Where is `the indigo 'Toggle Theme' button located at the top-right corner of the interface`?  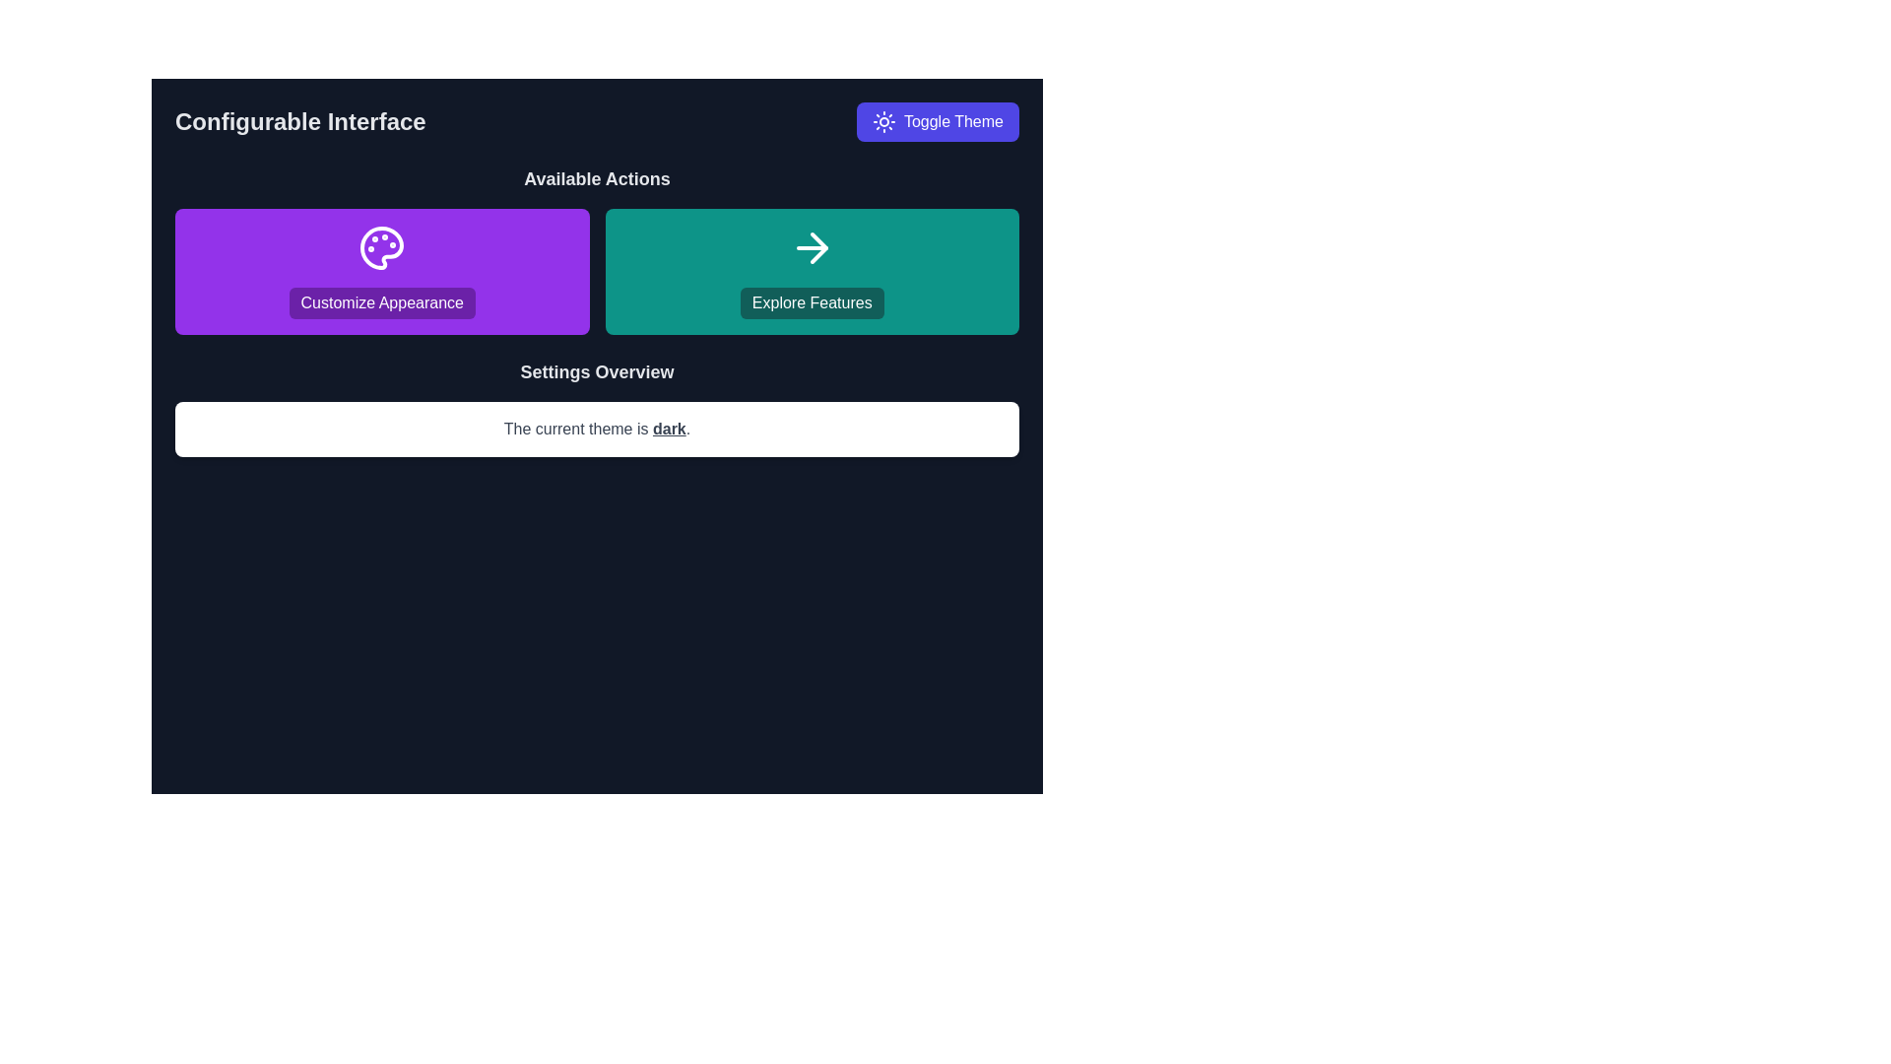
the indigo 'Toggle Theme' button located at the top-right corner of the interface is located at coordinates (936, 121).